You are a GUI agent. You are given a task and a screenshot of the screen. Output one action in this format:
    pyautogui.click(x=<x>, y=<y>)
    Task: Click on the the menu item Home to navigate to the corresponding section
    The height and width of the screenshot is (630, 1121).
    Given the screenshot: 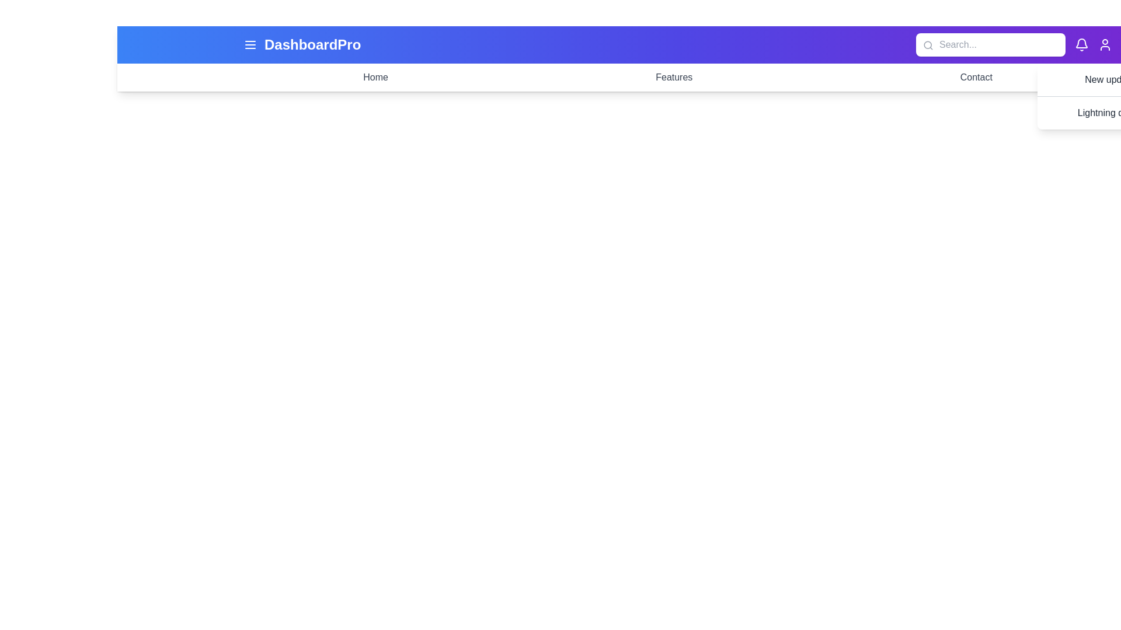 What is the action you would take?
    pyautogui.click(x=375, y=77)
    